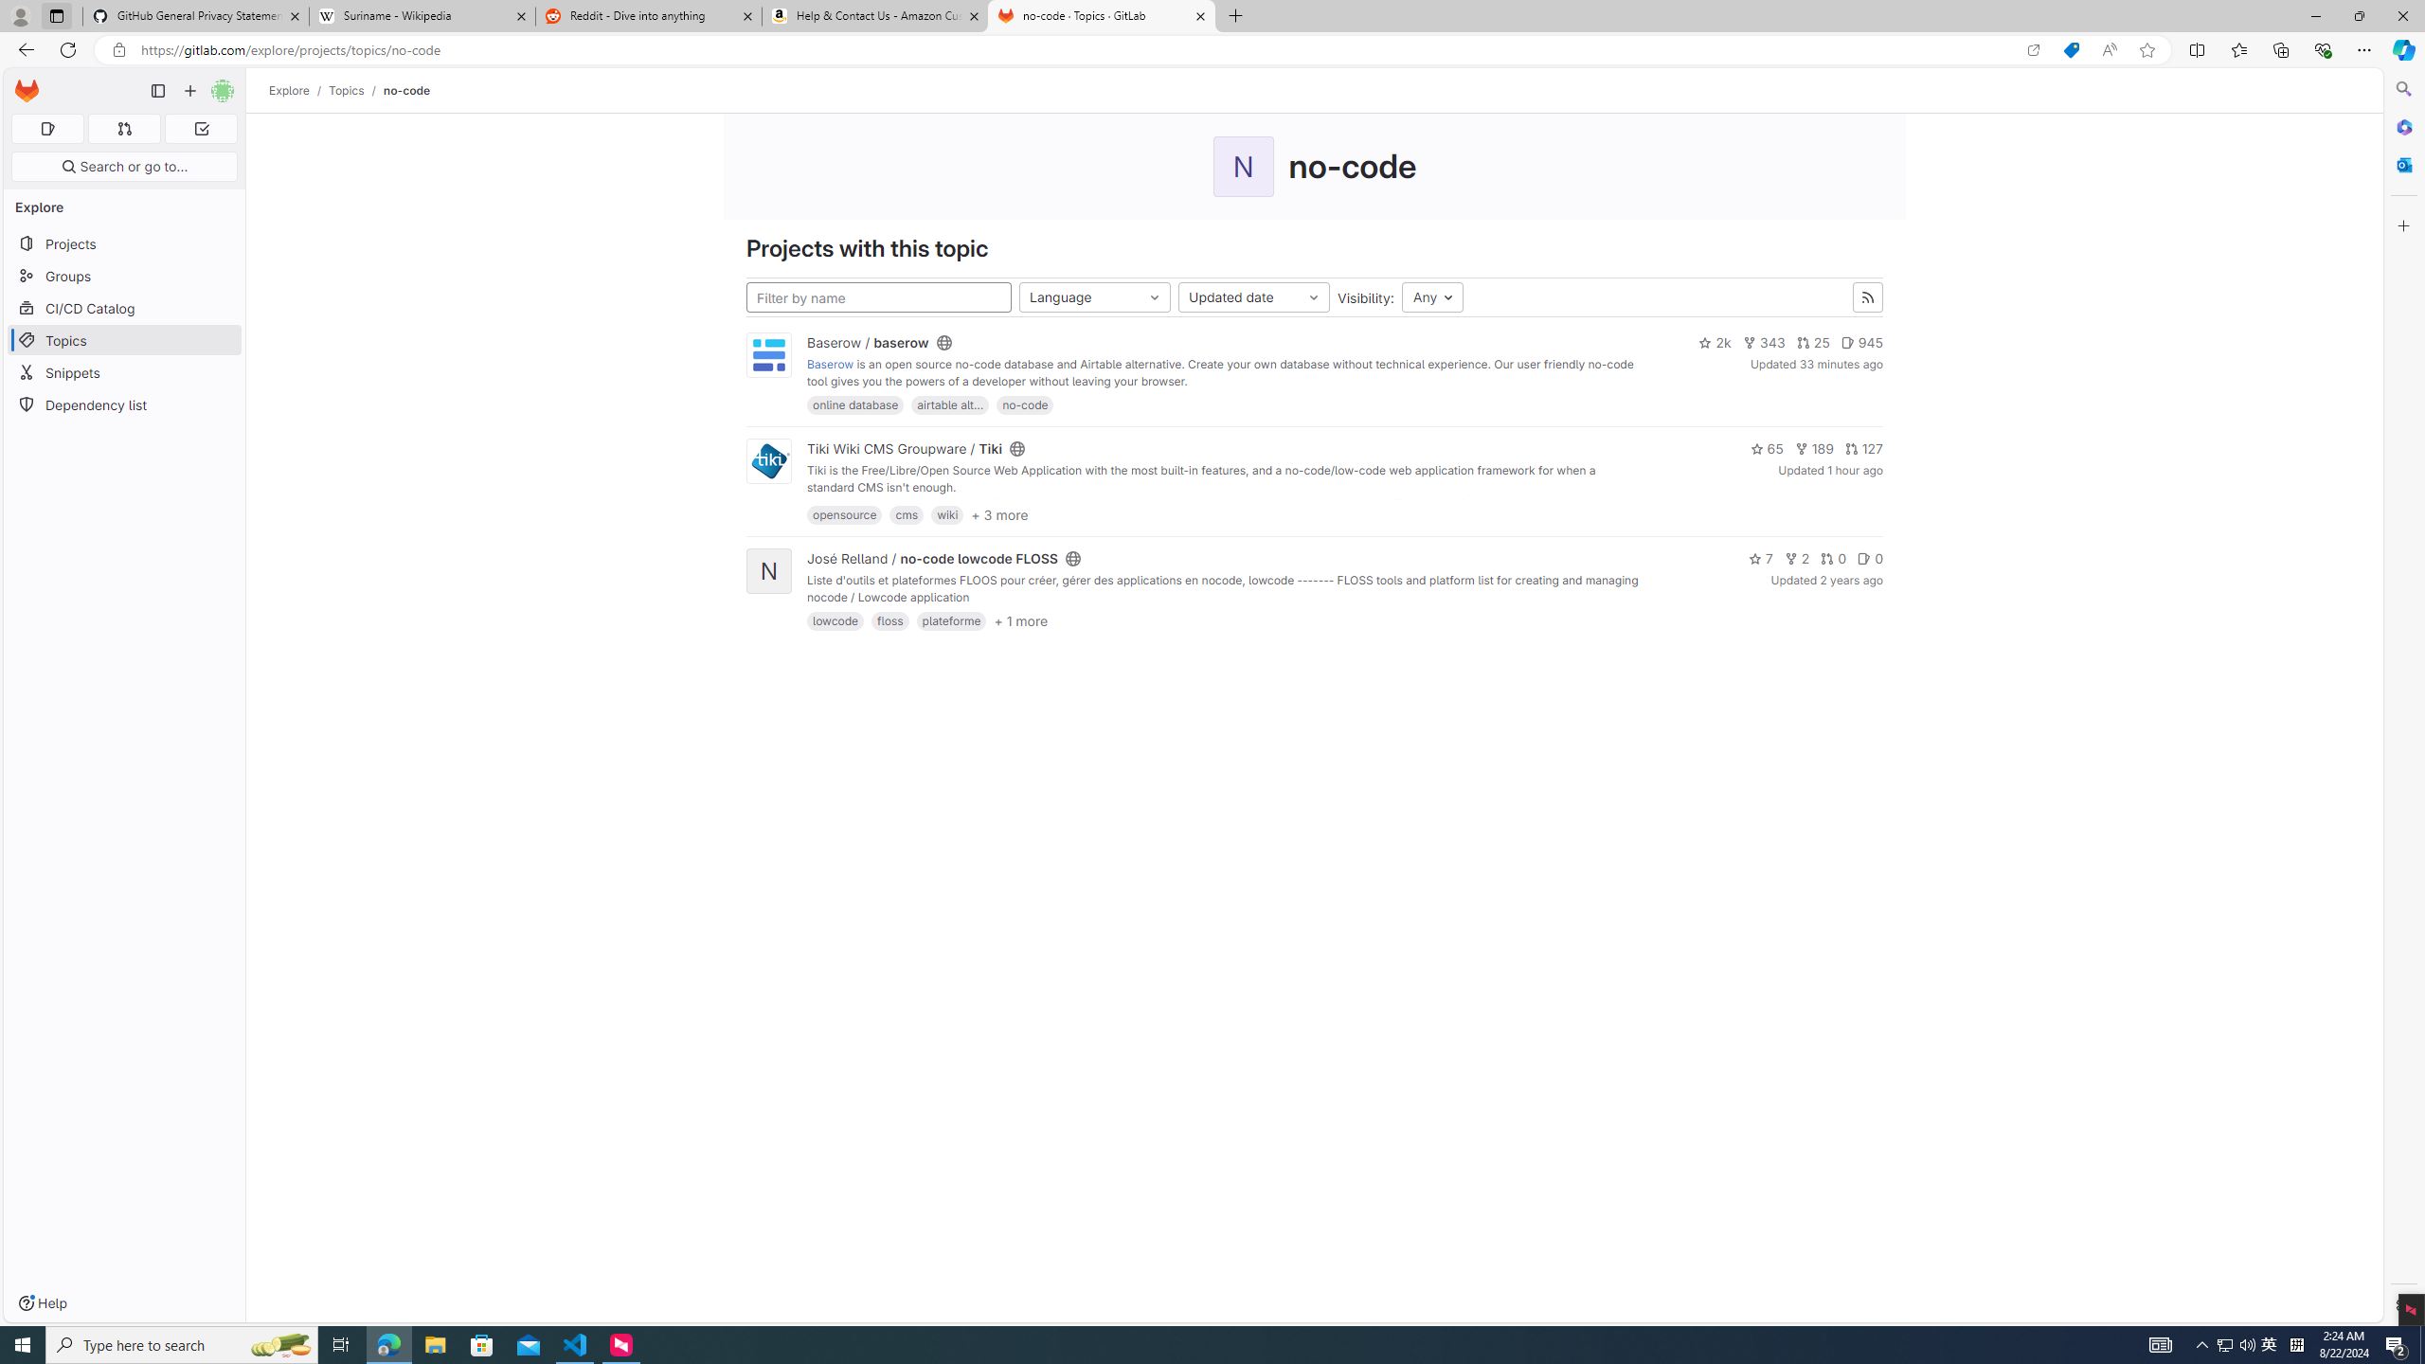  I want to click on 'cms', so click(907, 514).